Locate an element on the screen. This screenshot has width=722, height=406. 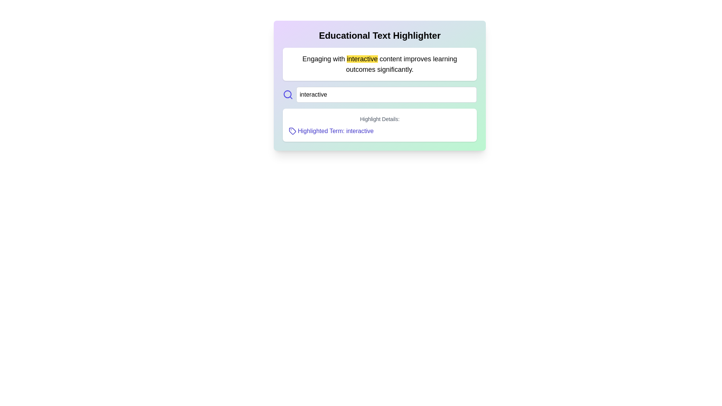
the highlighted term within the 'Highlight Details' box of the educational panel is located at coordinates (379, 85).